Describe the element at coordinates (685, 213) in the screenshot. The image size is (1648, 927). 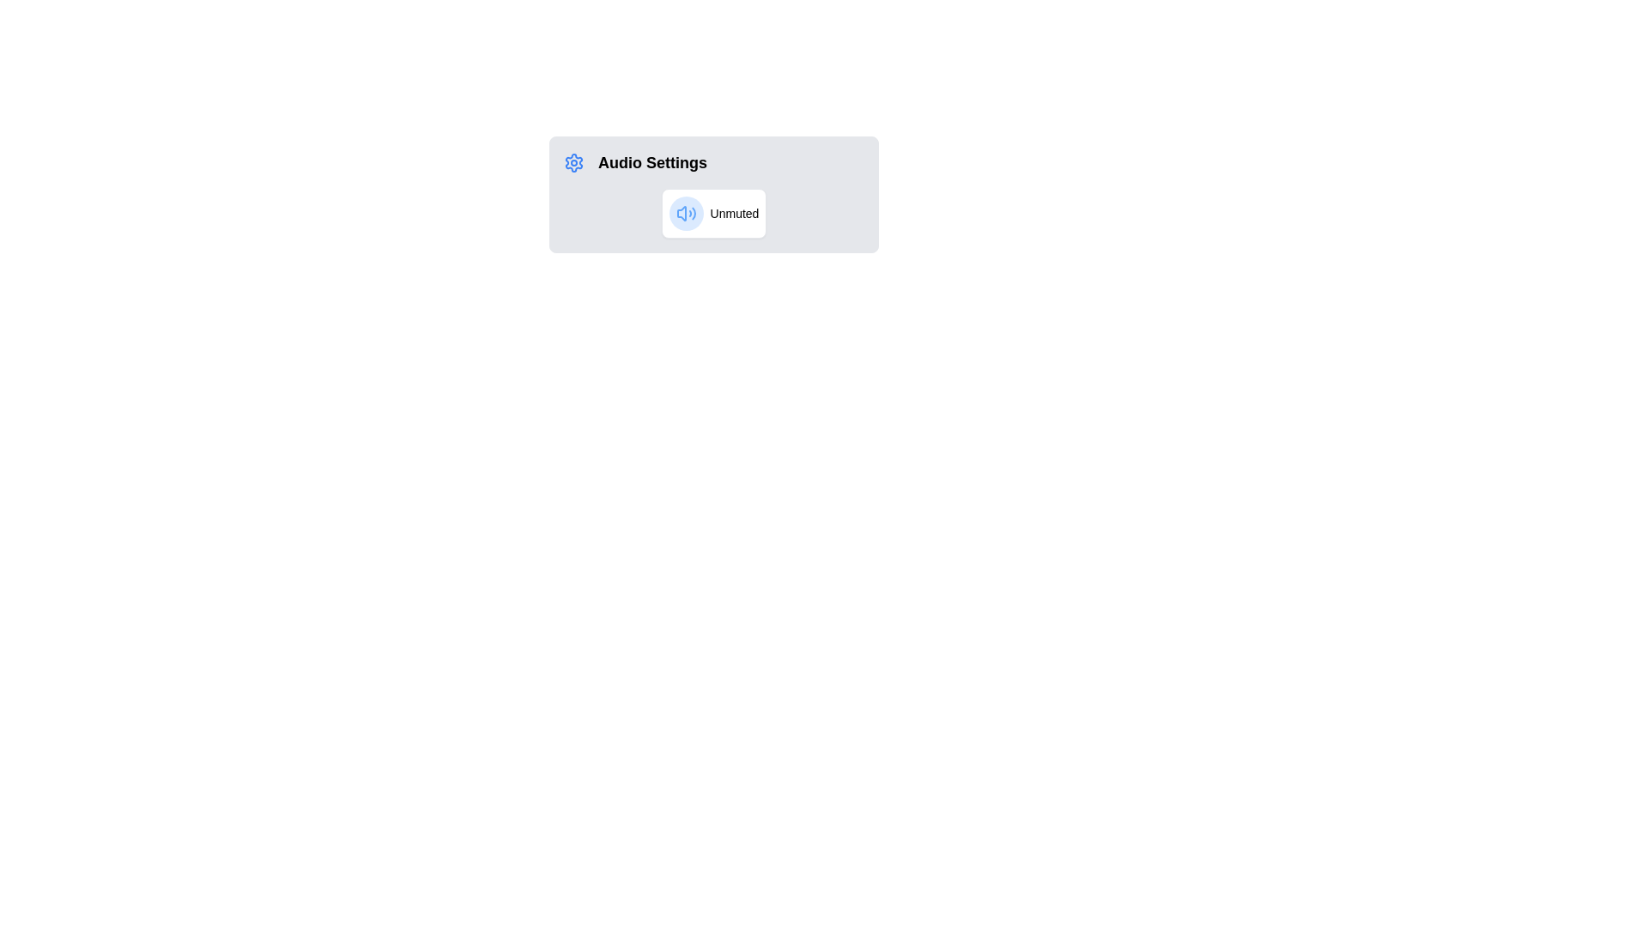
I see `the audio output icon located in the bottom-right area of a circular button with a blue background` at that location.